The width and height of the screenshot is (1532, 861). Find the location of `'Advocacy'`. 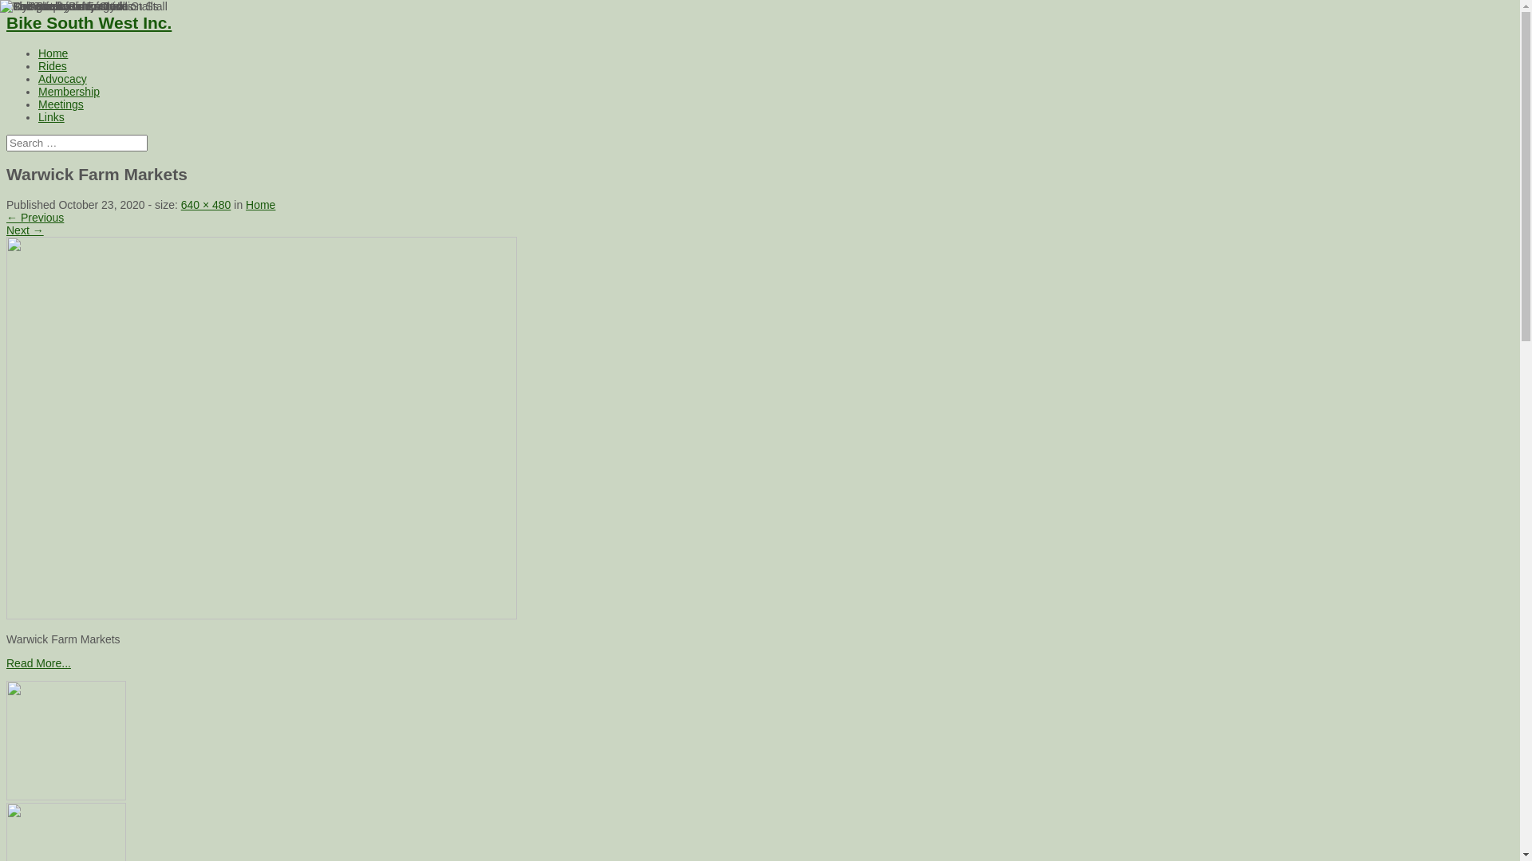

'Advocacy' is located at coordinates (62, 79).